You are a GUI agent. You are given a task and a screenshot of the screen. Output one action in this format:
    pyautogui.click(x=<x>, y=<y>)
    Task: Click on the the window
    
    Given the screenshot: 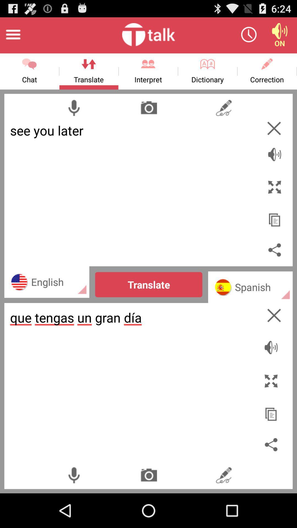 What is the action you would take?
    pyautogui.click(x=274, y=315)
    